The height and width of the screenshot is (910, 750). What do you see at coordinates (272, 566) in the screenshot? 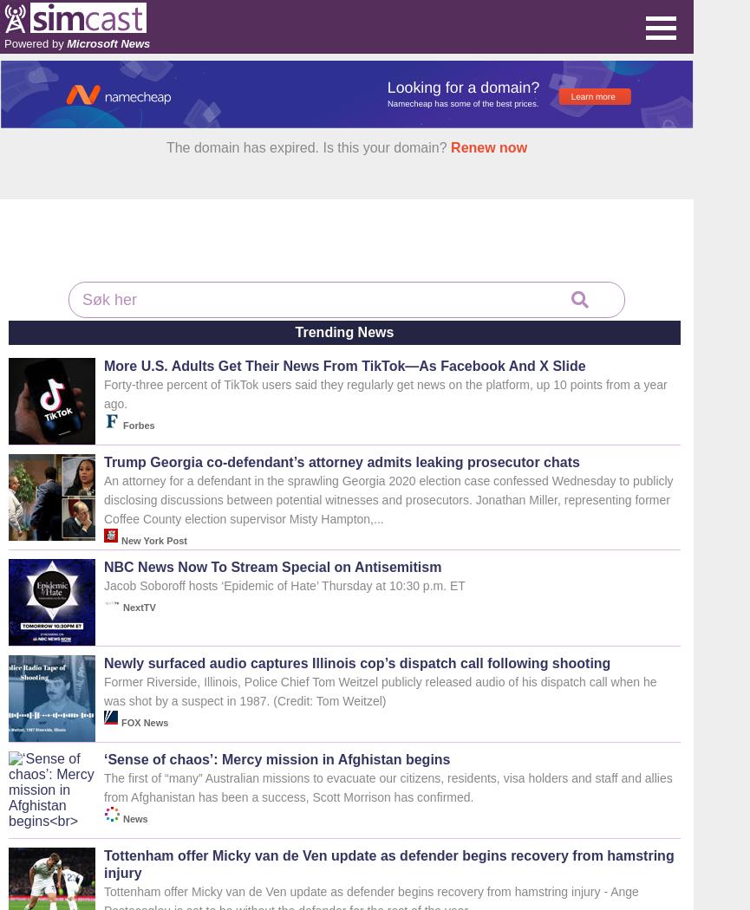
I see `'NBC News Now To Stream Special on Antisemitism'` at bounding box center [272, 566].